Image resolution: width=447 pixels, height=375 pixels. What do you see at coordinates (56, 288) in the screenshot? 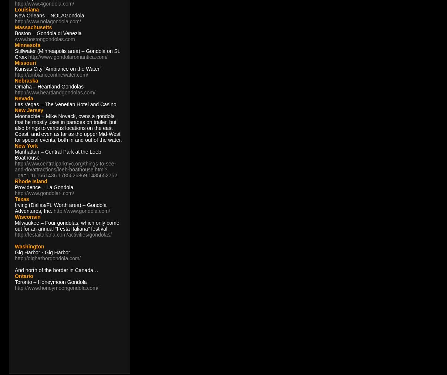
I see `'http://www.honeymoongondola.com/'` at bounding box center [56, 288].